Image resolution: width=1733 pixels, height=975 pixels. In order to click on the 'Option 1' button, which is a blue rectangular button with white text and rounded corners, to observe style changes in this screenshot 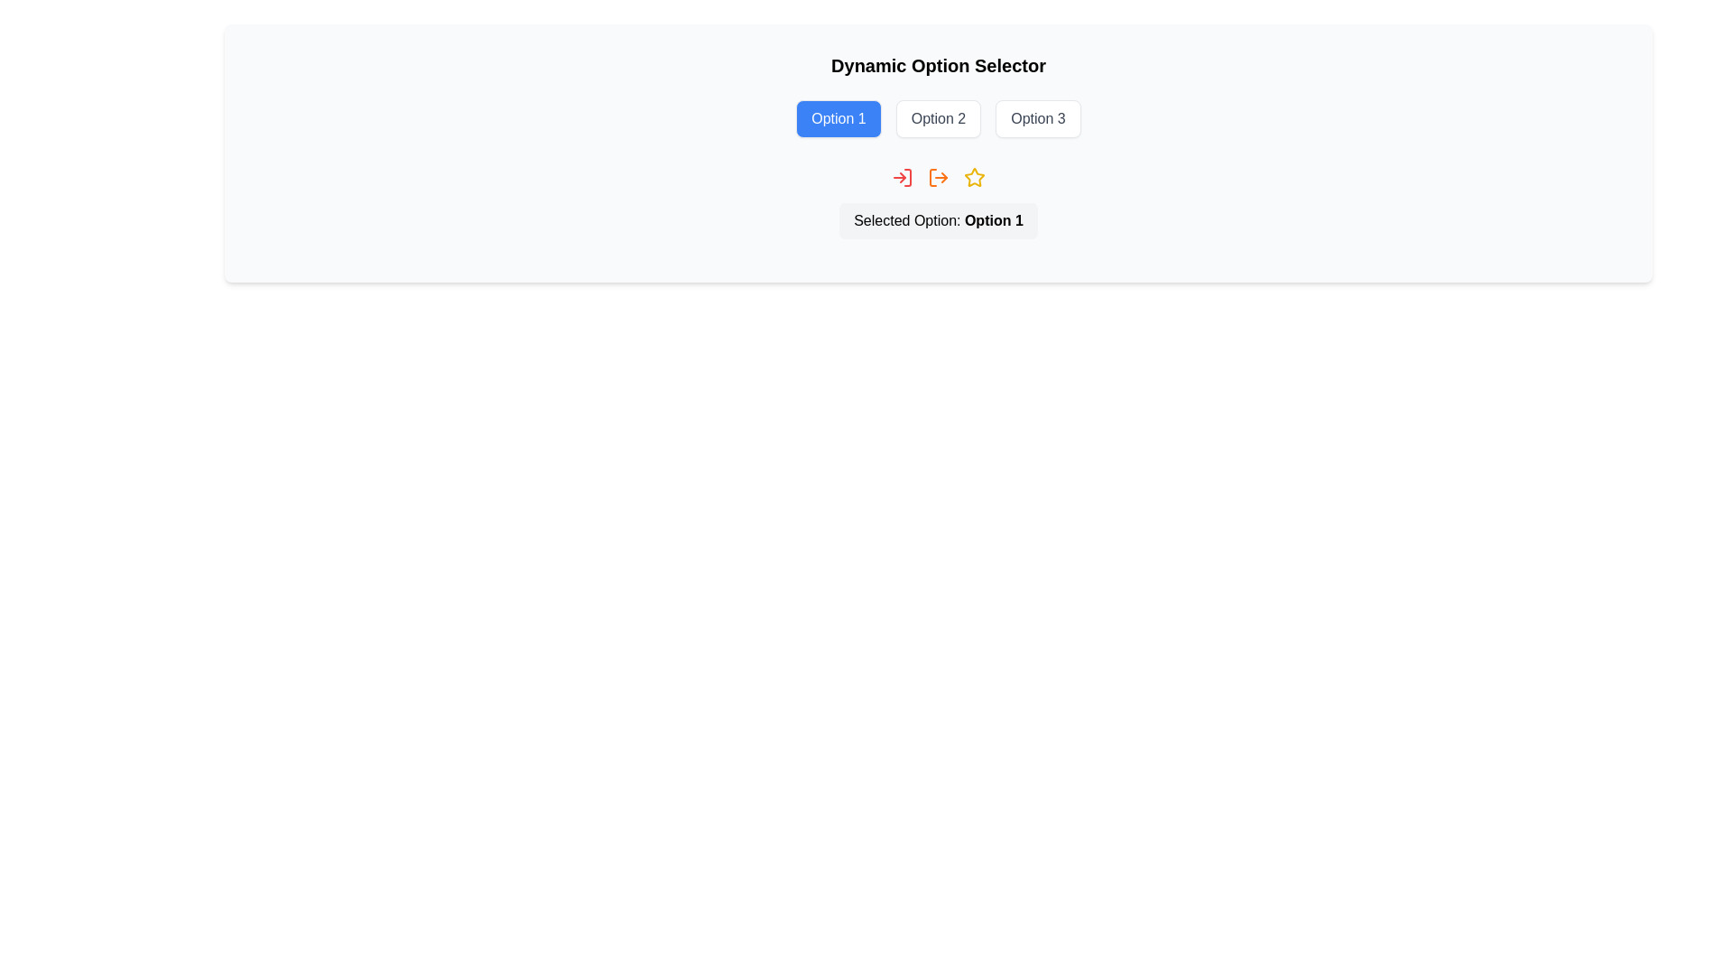, I will do `click(838, 118)`.